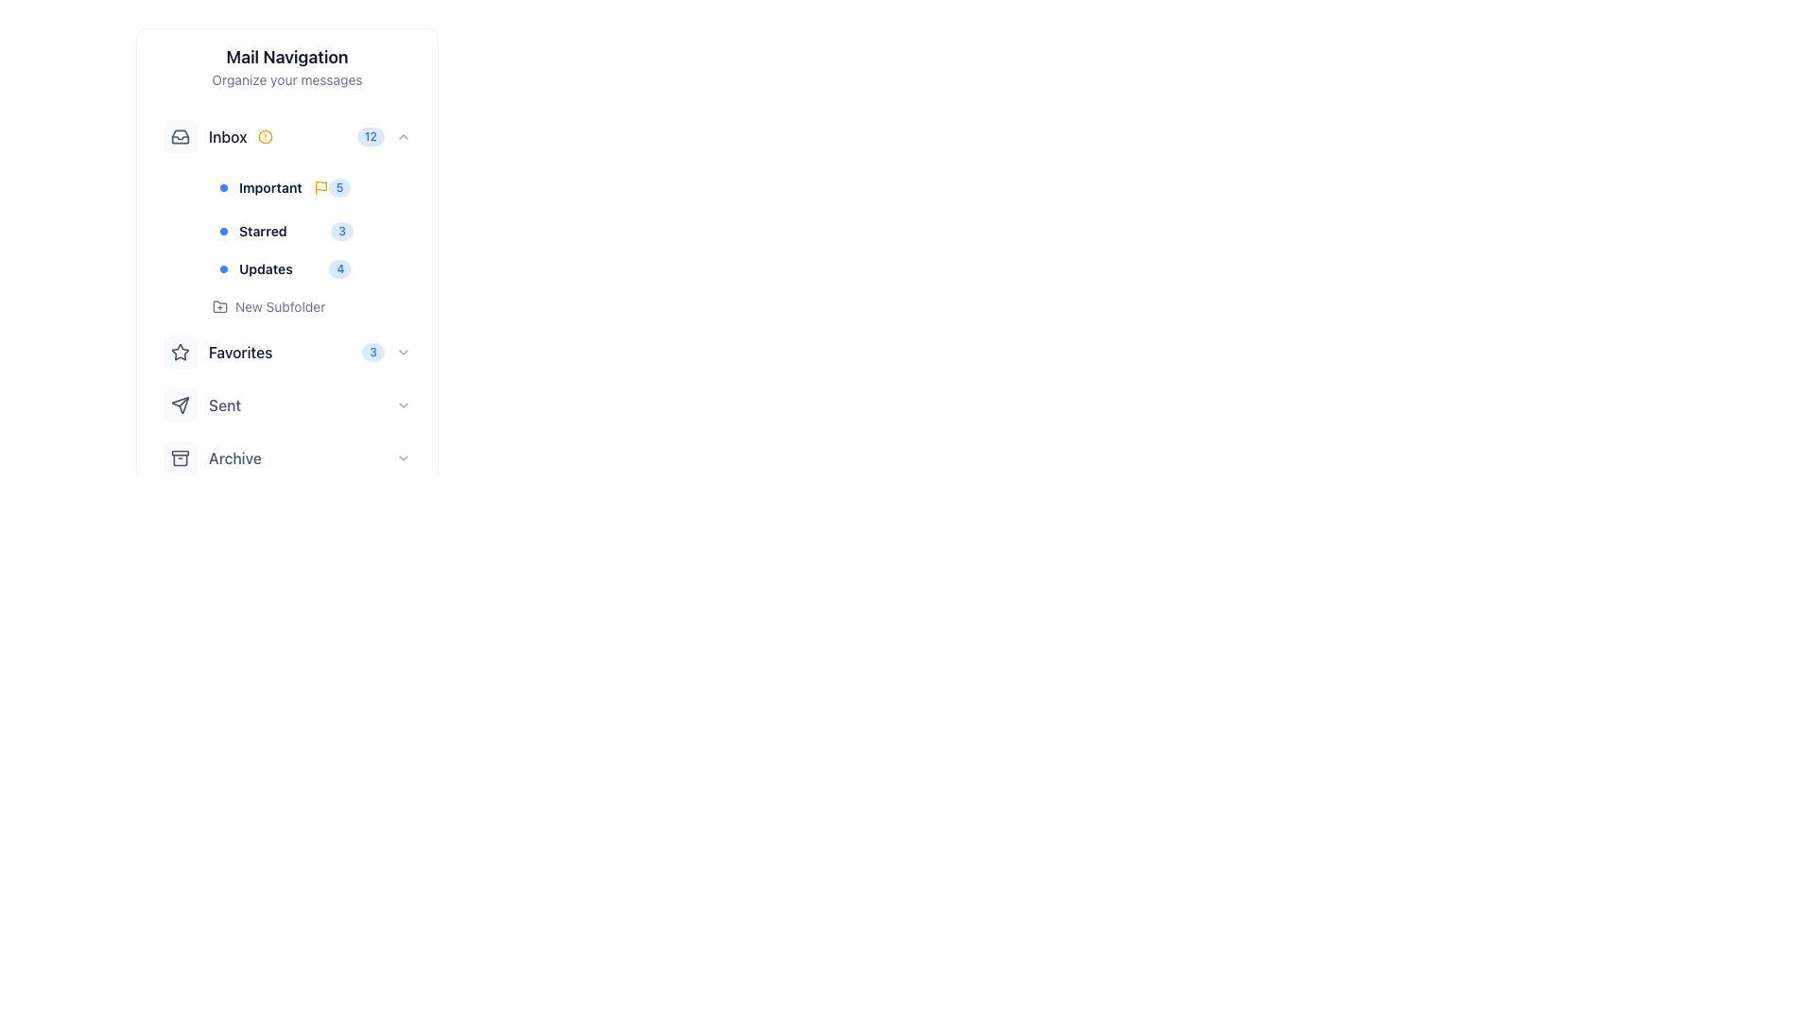 Image resolution: width=1815 pixels, height=1021 pixels. I want to click on number '12' displayed on the Notification badge, which is a small, rounded badge with a light blue background located in the navigation pane under the 'Inbox' label, so click(371, 136).